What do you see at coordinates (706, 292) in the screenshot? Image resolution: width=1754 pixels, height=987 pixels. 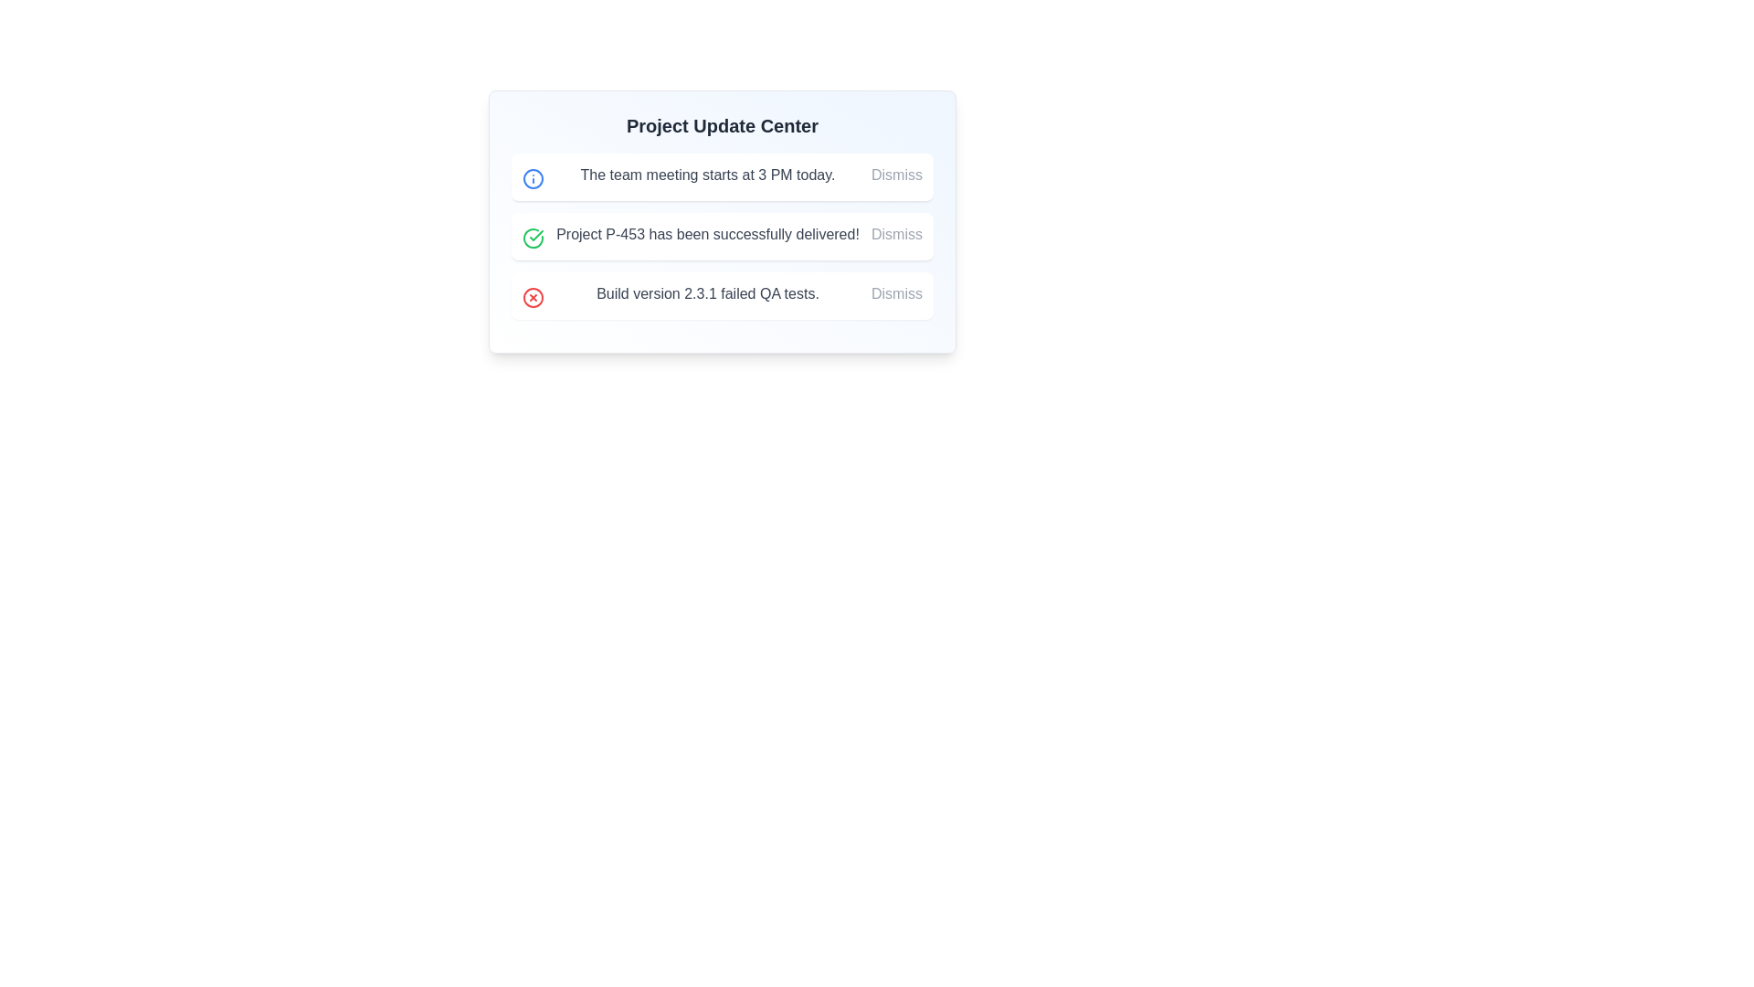 I see `the text label displaying 'Build version 2.3.1 failed QA tests.' which is part of the third notification entry in the 'Project Update Center'` at bounding box center [706, 292].